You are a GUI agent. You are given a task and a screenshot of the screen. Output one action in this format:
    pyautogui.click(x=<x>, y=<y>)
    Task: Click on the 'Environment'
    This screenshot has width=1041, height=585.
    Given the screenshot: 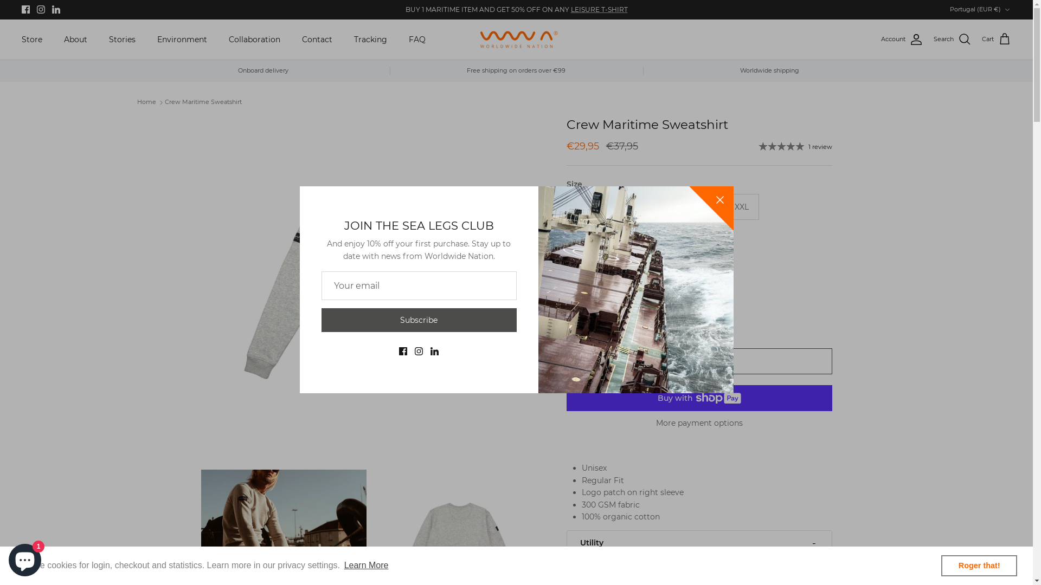 What is the action you would take?
    pyautogui.click(x=147, y=39)
    